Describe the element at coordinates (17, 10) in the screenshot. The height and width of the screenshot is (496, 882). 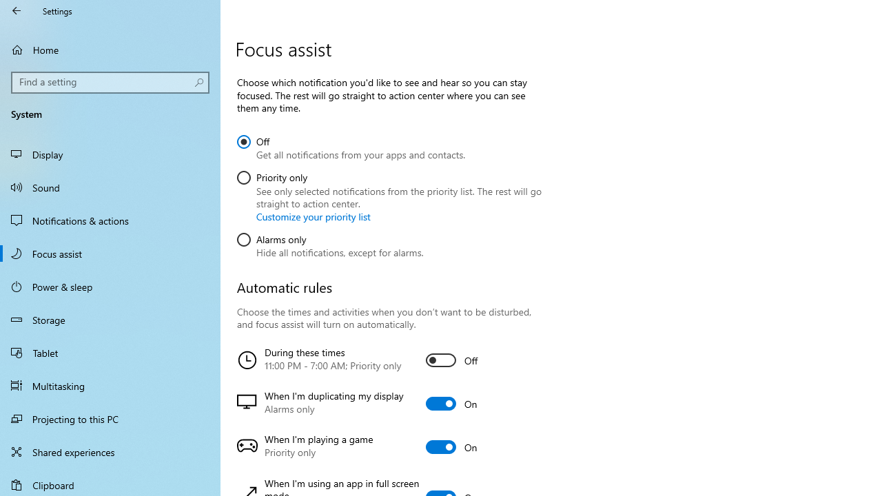
I see `'Back'` at that location.